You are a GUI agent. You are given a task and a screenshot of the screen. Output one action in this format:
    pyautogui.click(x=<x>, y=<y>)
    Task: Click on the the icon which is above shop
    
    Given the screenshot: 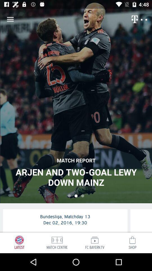 What is the action you would take?
    pyautogui.click(x=132, y=240)
    